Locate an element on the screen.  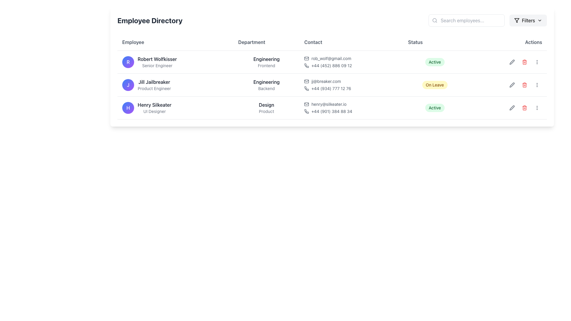
the red trash bin icon located in the 'Actions' column of the third row in the table is located at coordinates (524, 108).